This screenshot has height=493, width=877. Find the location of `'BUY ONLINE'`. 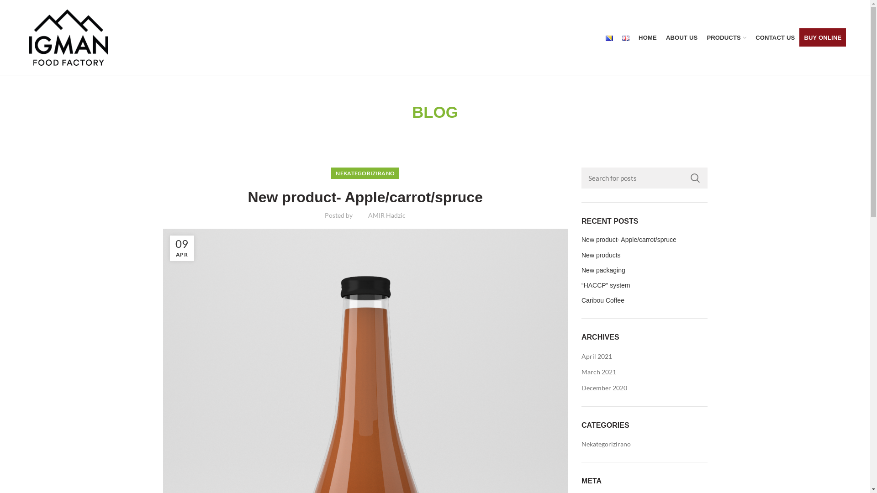

'BUY ONLINE' is located at coordinates (799, 37).